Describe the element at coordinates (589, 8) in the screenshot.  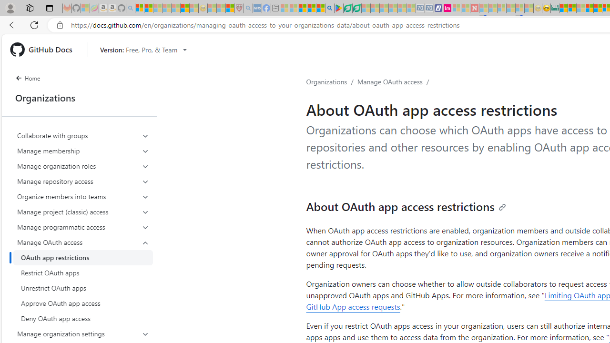
I see `'Expert Portfolios'` at that location.